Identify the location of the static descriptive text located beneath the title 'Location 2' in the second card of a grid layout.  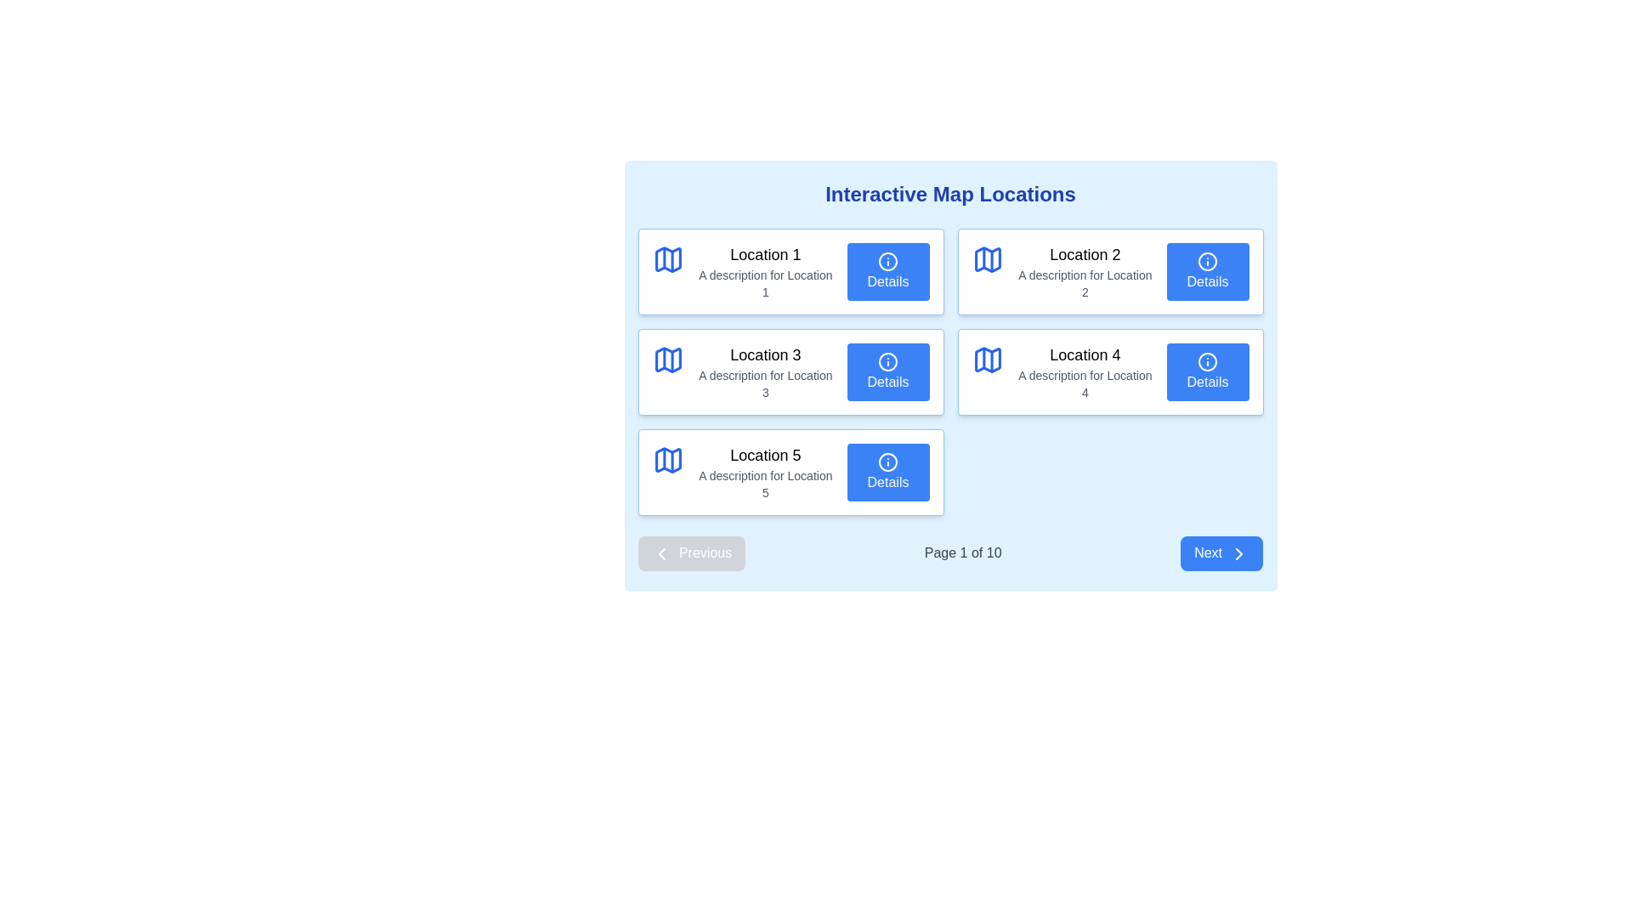
(1084, 283).